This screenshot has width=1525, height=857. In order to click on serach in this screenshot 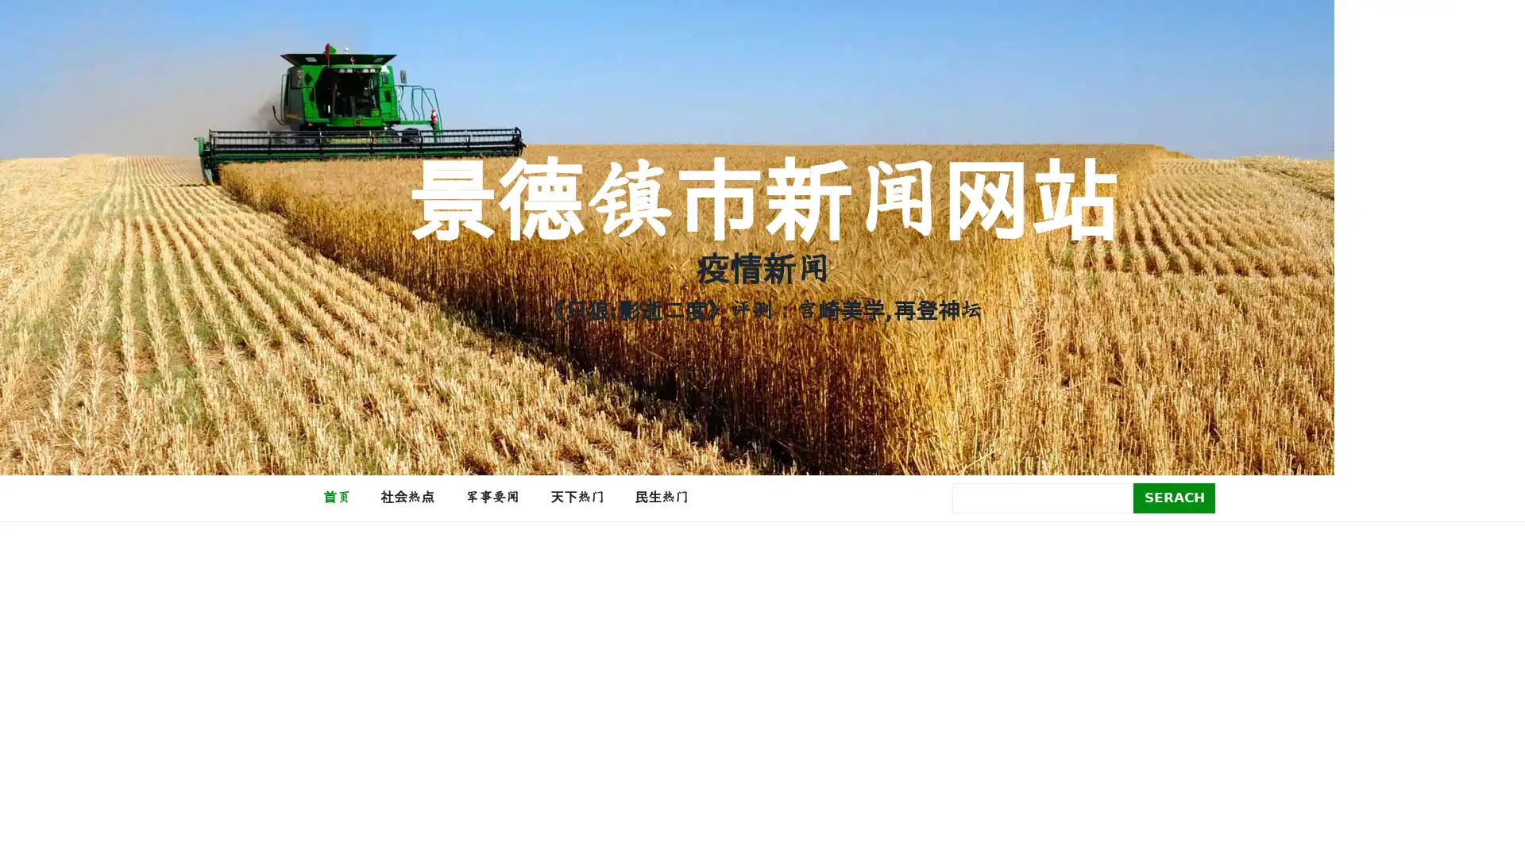, I will do `click(1174, 497)`.